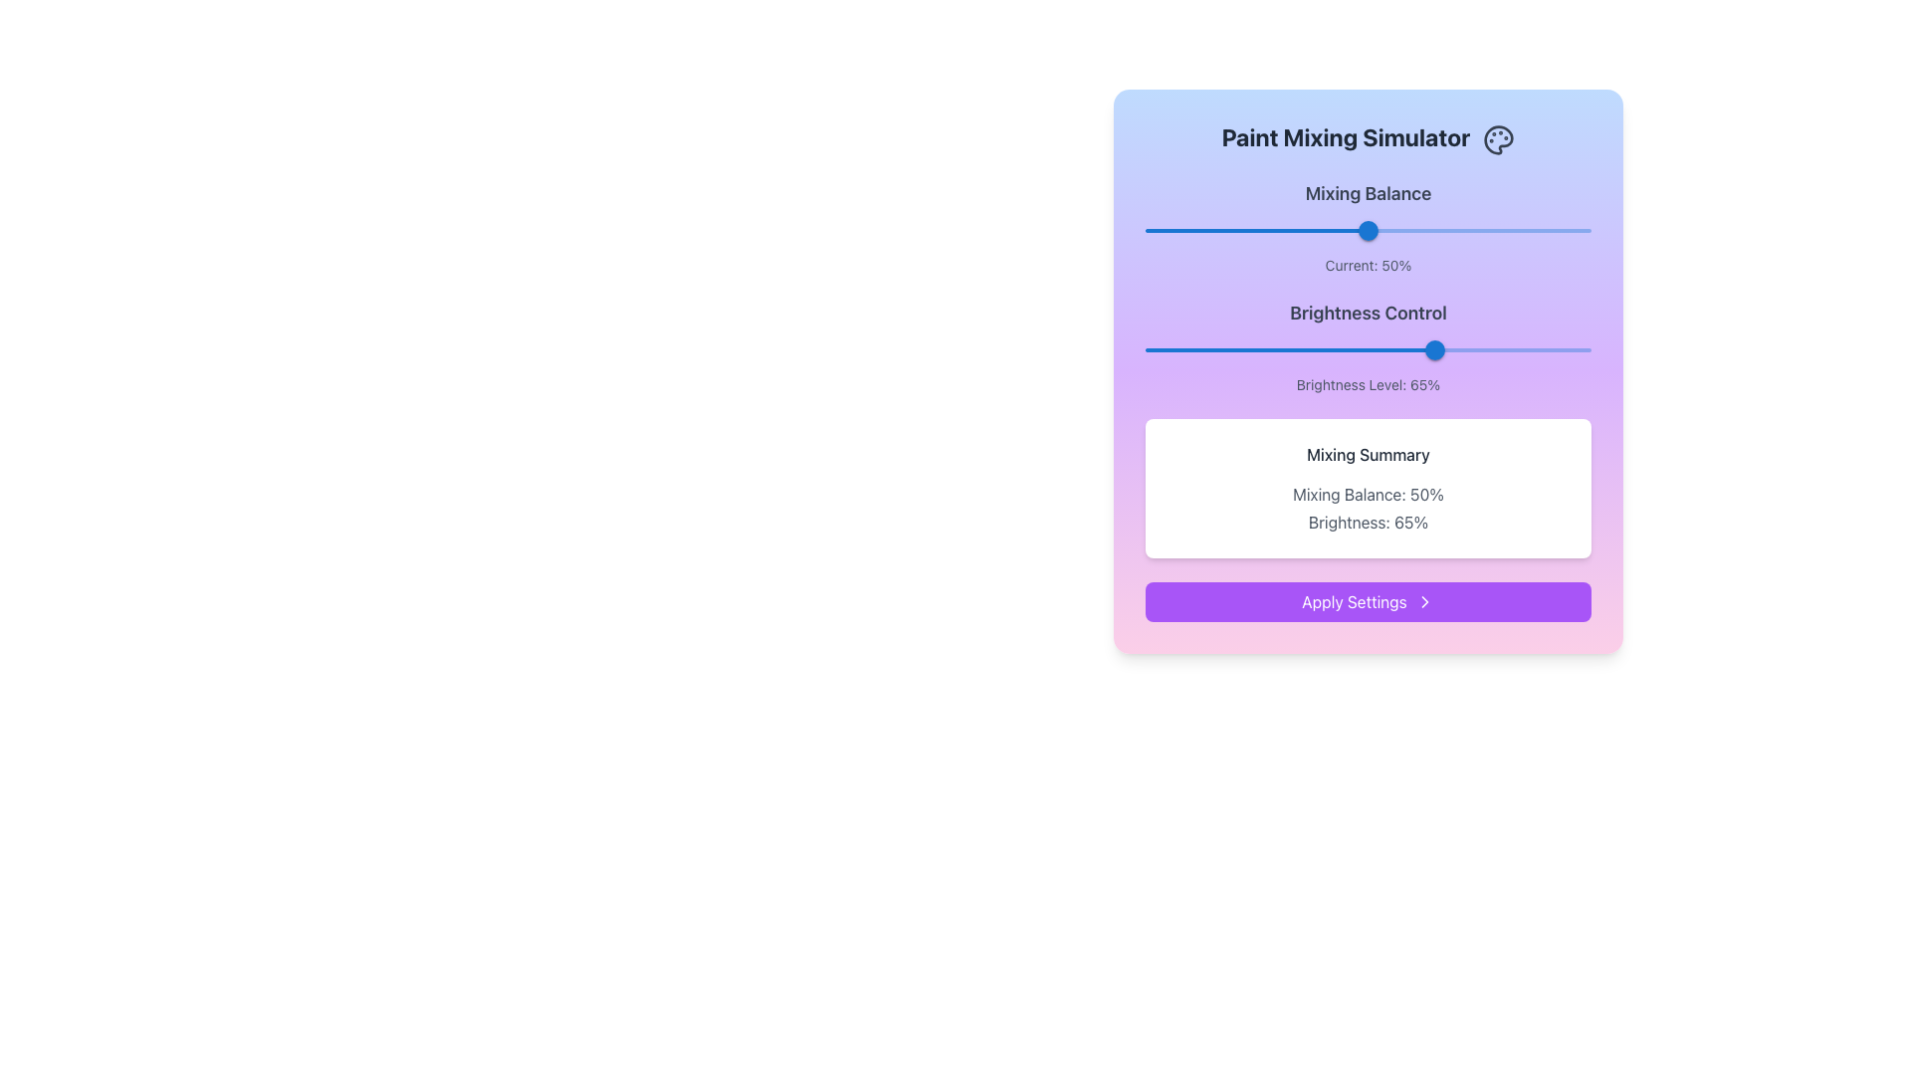  I want to click on the text label element displaying 'Mixing Balance', which is styled in bold, large dark gray font and positioned at the top of the interface within a light blue background area, so click(1367, 192).